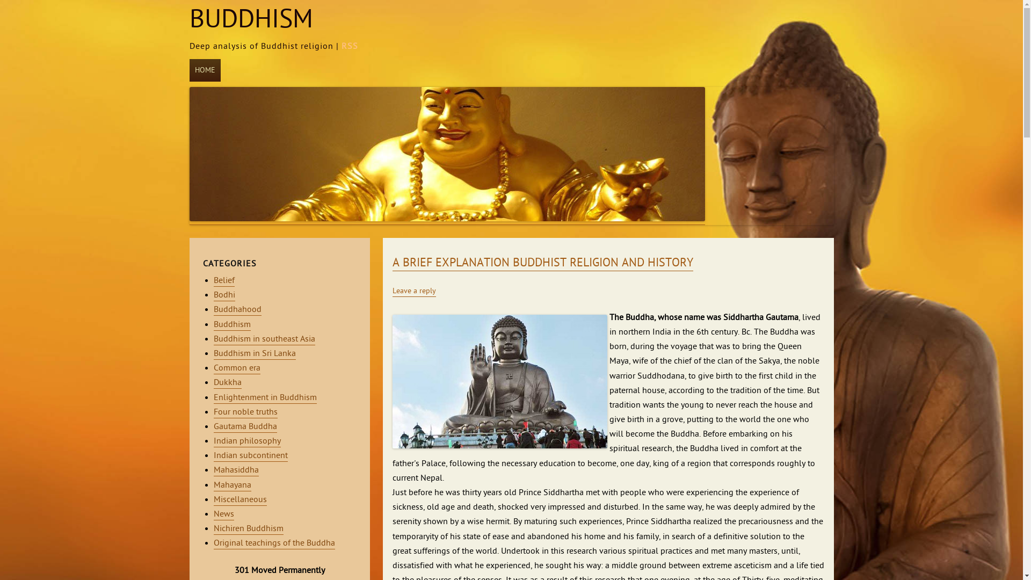 The width and height of the screenshot is (1031, 580). I want to click on 'Four noble truths', so click(245, 412).